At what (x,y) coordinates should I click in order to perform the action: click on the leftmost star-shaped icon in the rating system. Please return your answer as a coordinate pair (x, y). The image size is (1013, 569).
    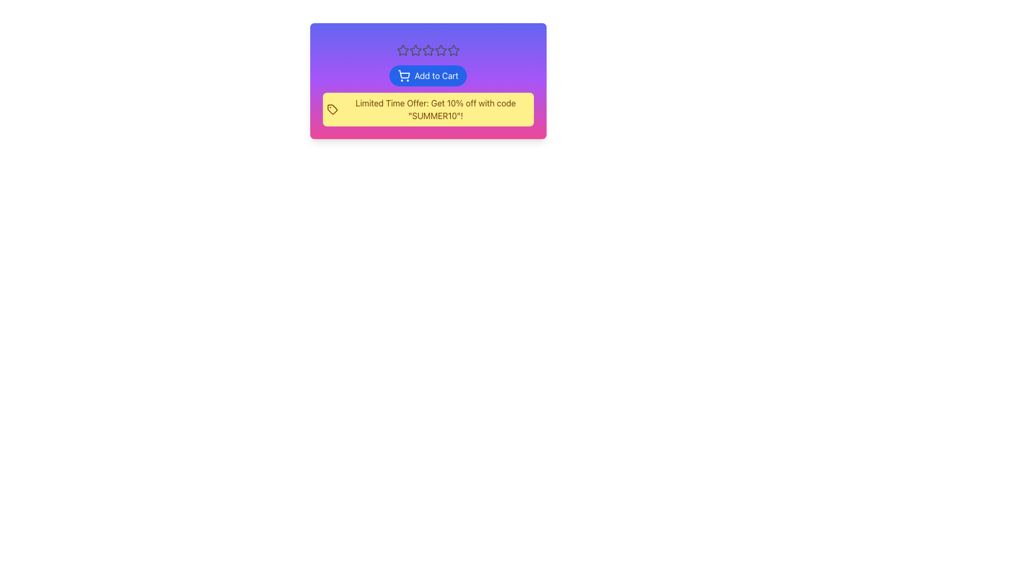
    Looking at the image, I should click on (402, 50).